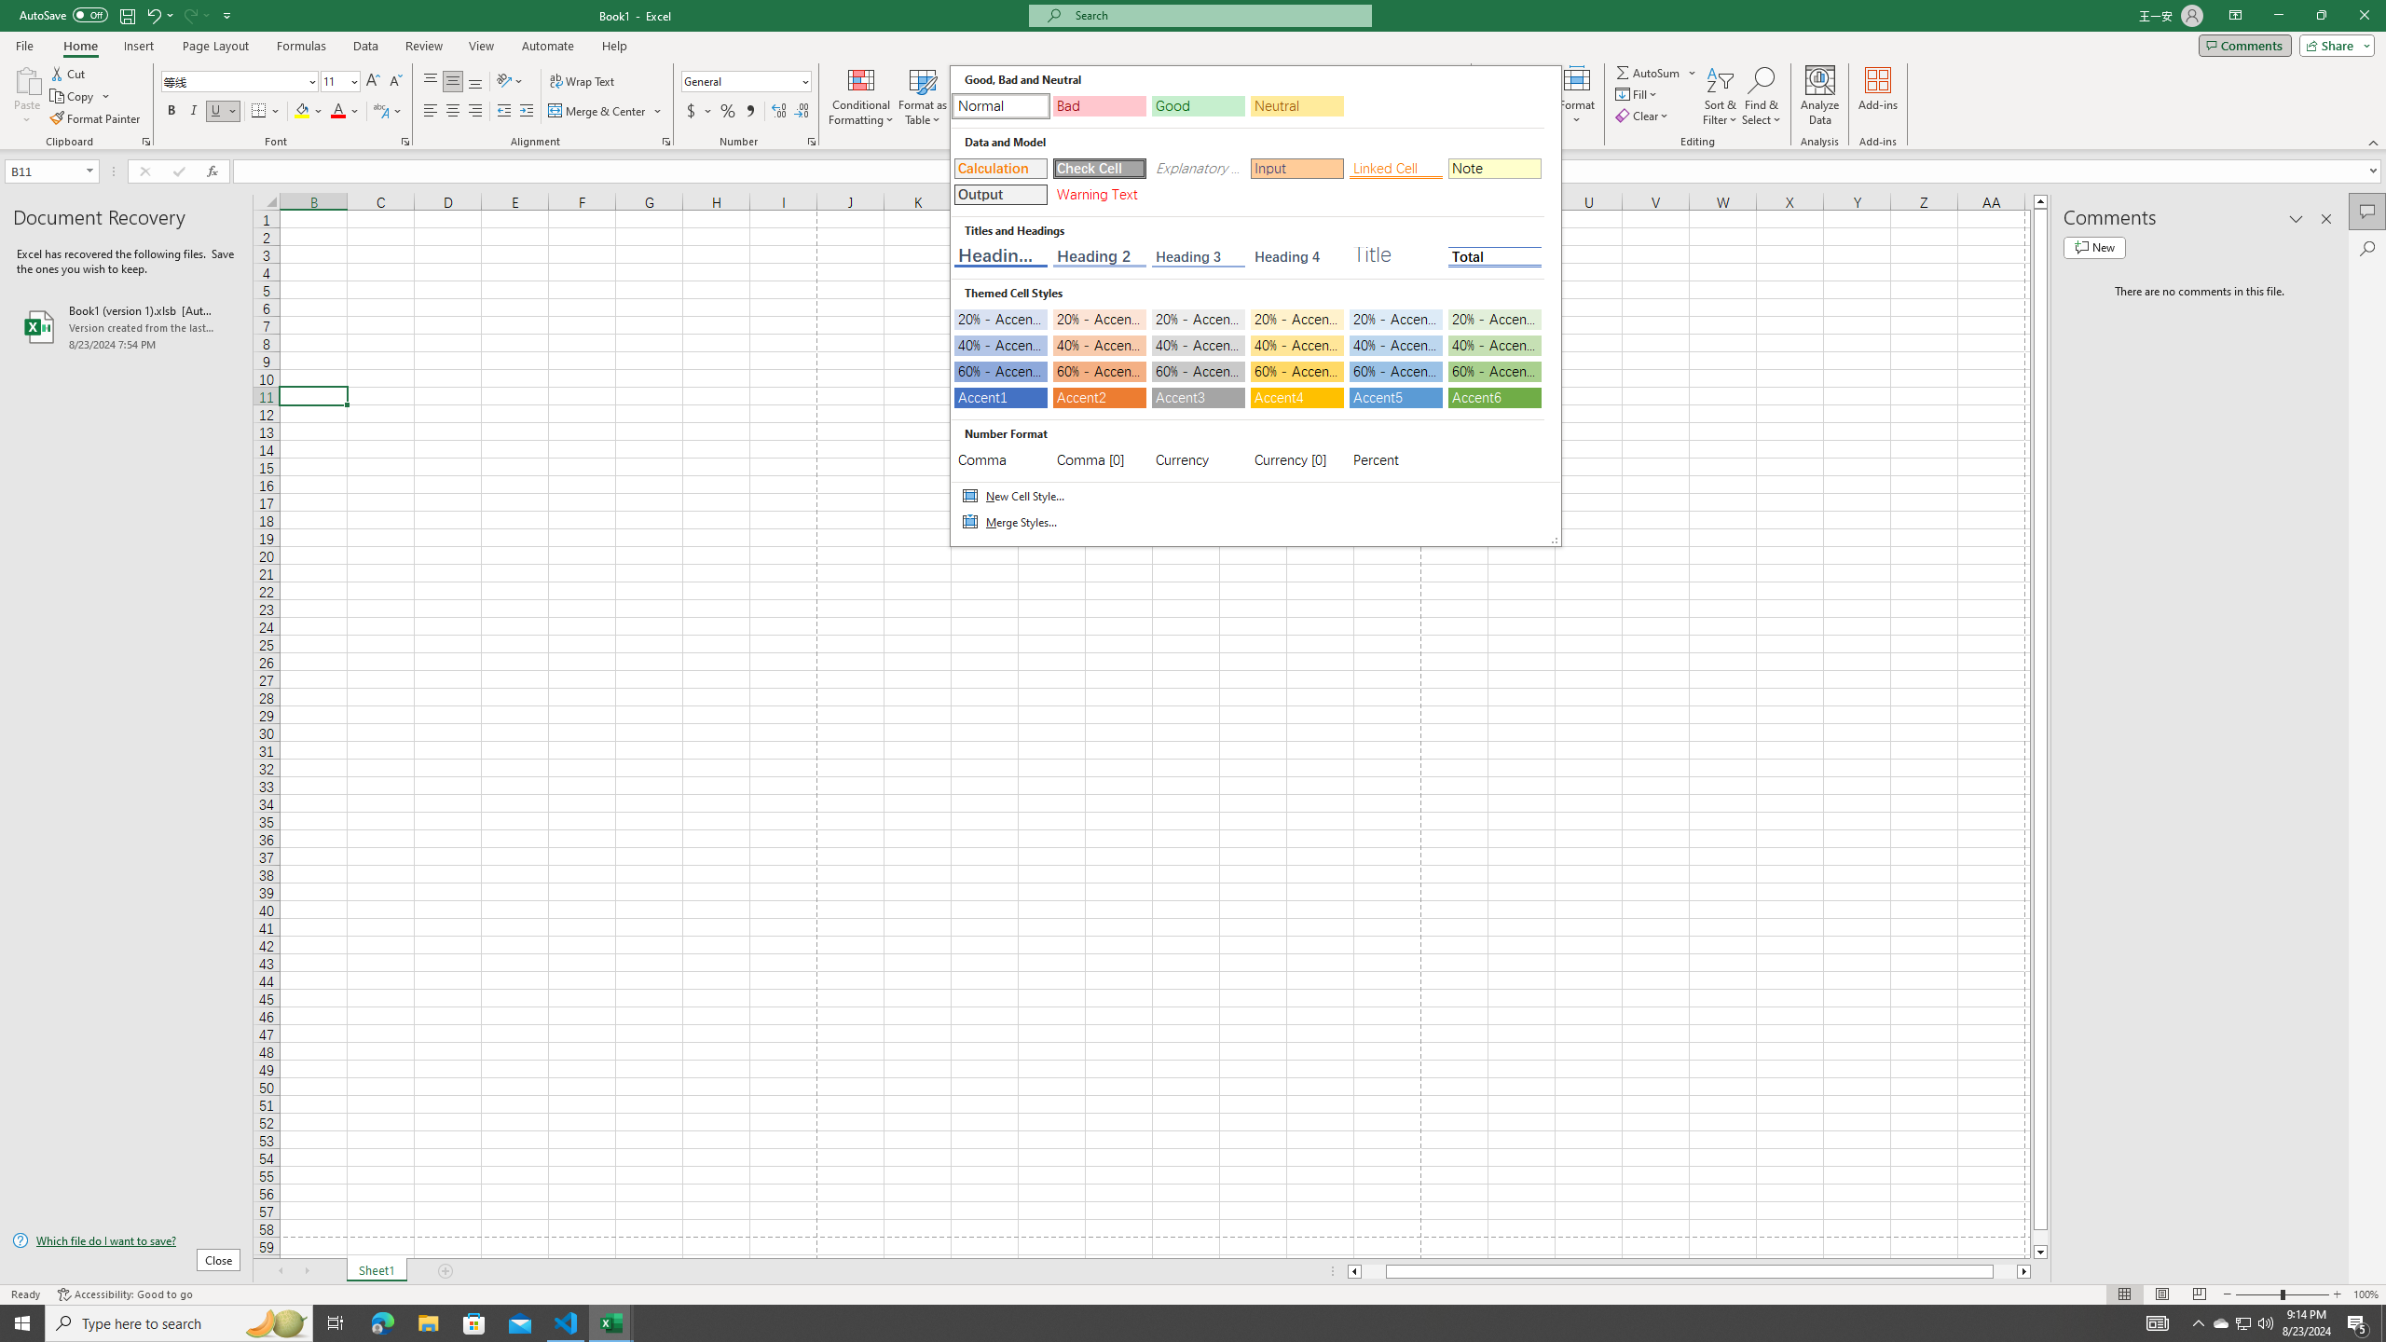 The width and height of the screenshot is (2386, 1342). I want to click on 'Find & Select', so click(1762, 96).